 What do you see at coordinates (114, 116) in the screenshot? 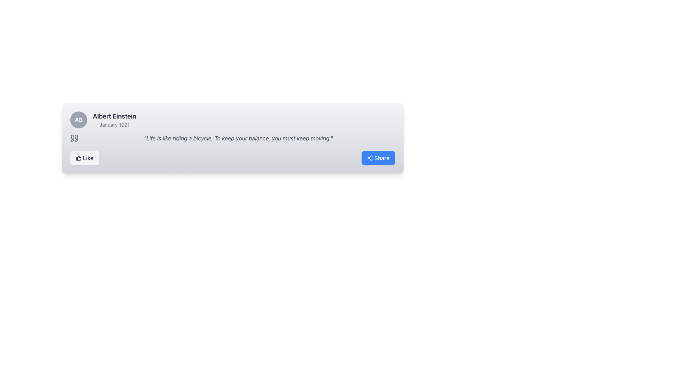
I see `the Text label that indicates the name of the person associated with the content in the panel, located beneath the avatar icon 'AB' and above the 'January 1921' text` at bounding box center [114, 116].